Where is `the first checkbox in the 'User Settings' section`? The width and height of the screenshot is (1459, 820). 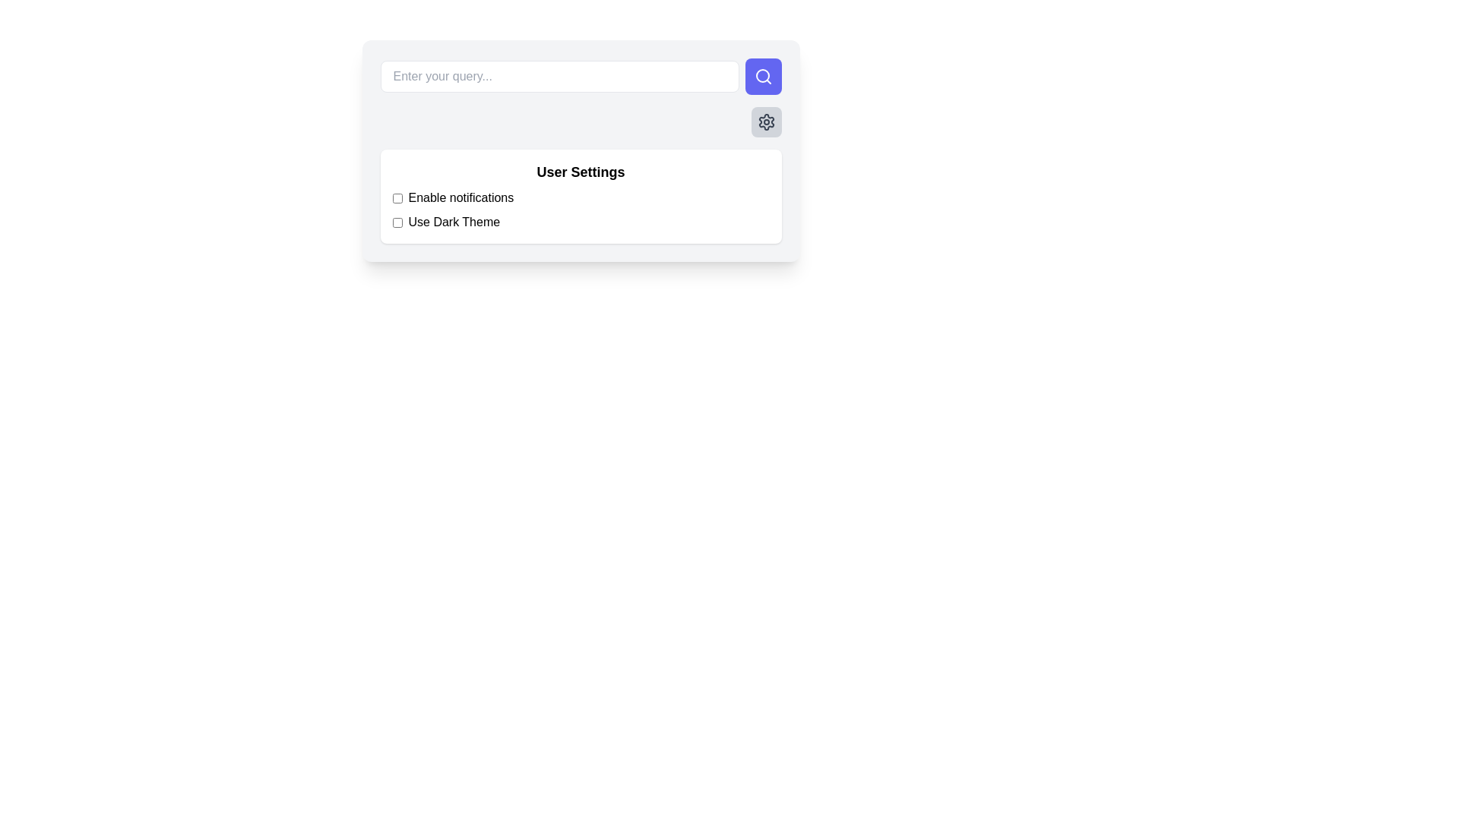 the first checkbox in the 'User Settings' section is located at coordinates (397, 197).